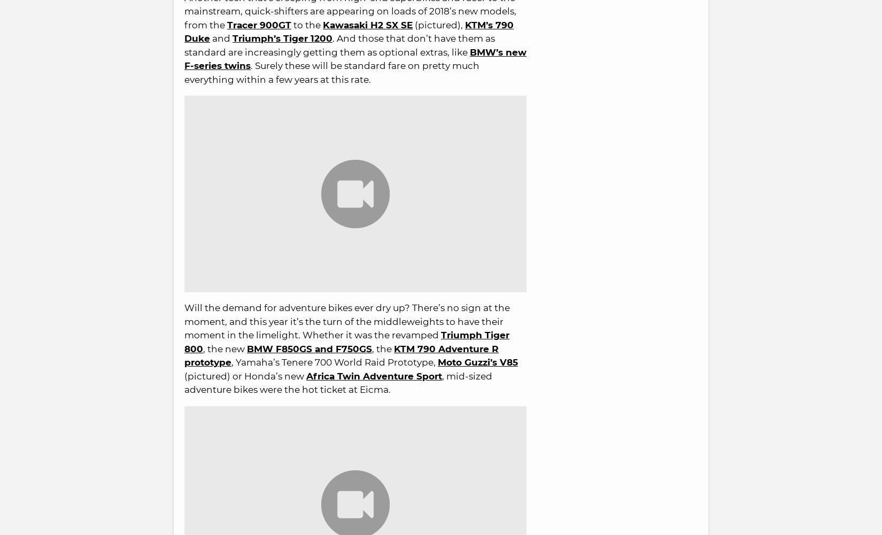 The width and height of the screenshot is (882, 535). I want to click on 'Triumph Tiger 800', so click(346, 342).